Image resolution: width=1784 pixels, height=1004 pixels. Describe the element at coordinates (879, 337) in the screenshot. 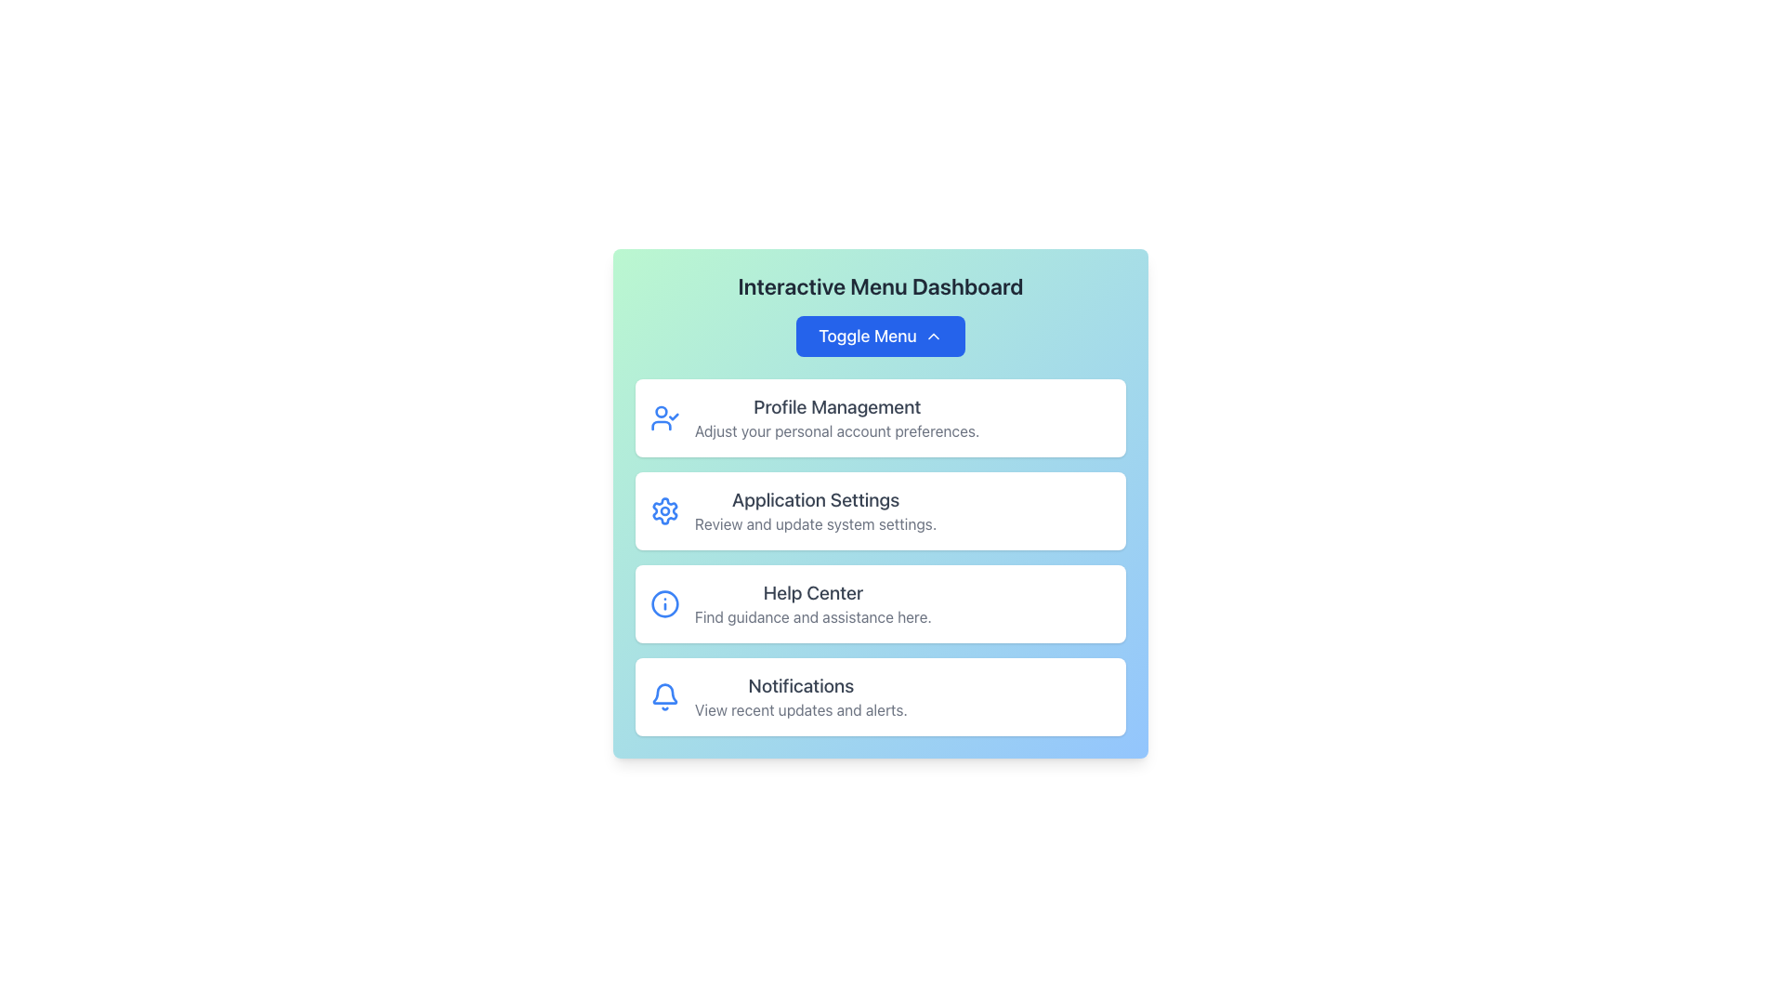

I see `the blue 'Toggle Menu' button with rounded corners and a downward-facing chevron icon` at that location.